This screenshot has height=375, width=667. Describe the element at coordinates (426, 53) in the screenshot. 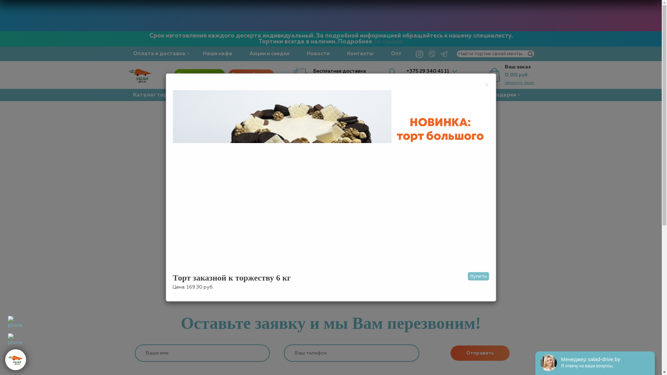

I see `'Viber'` at that location.